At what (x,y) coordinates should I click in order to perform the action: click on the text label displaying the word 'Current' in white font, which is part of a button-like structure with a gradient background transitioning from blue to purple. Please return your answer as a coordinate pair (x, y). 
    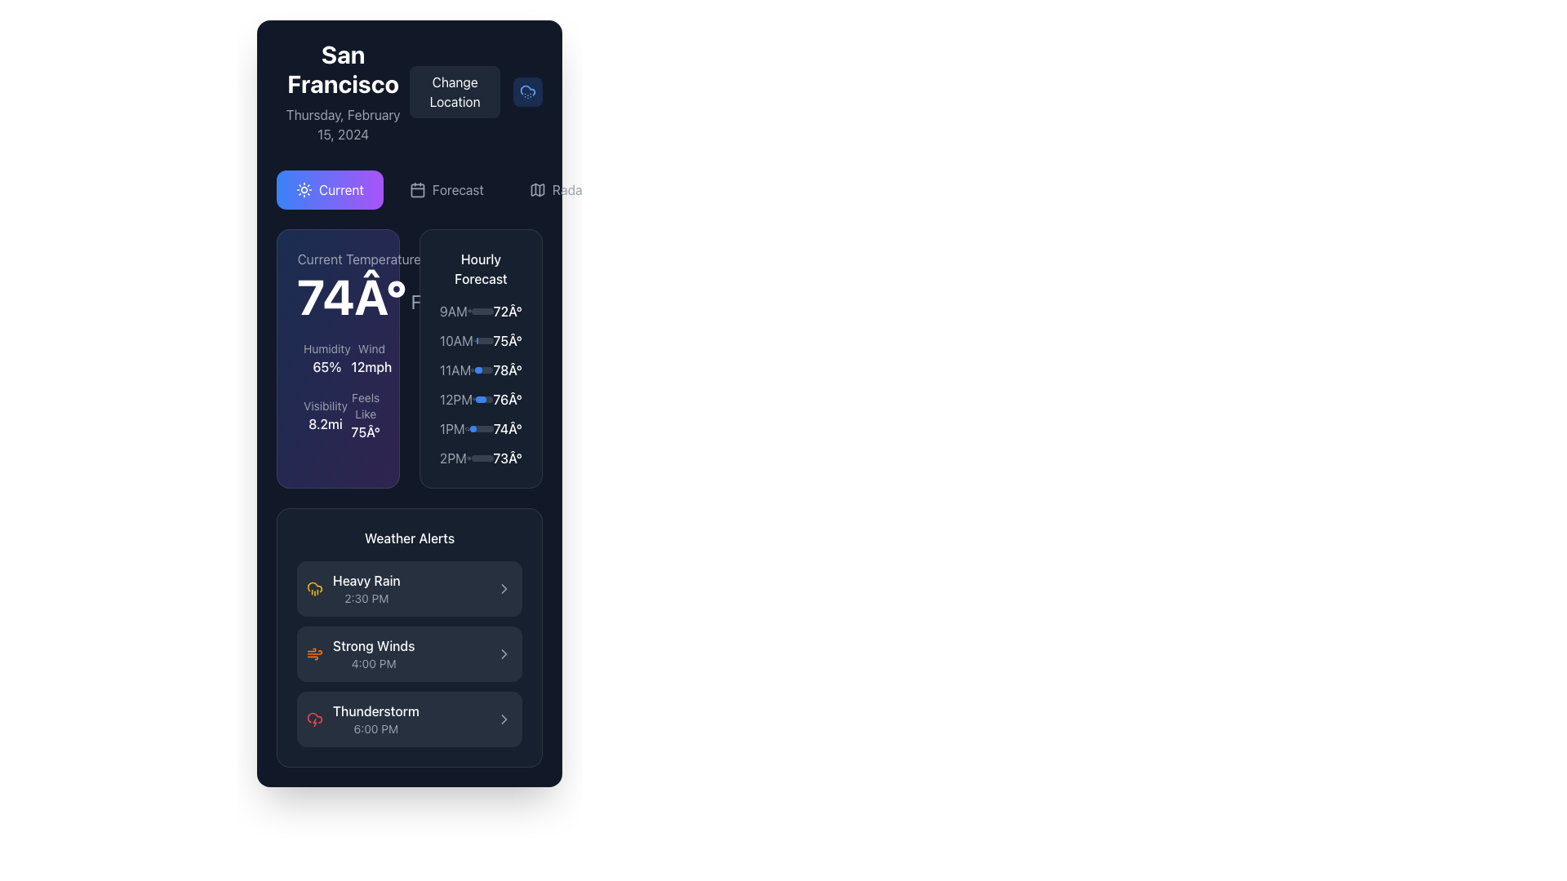
    Looking at the image, I should click on (340, 188).